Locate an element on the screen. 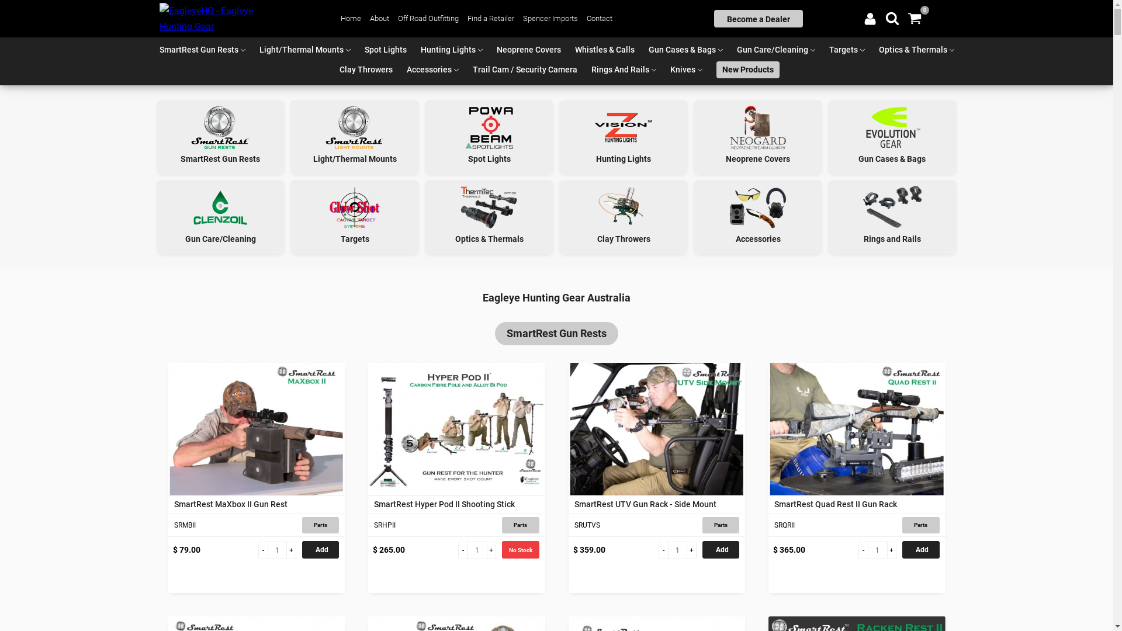  'SmartRest Quad Rest II Gun Rack' is located at coordinates (857, 504).